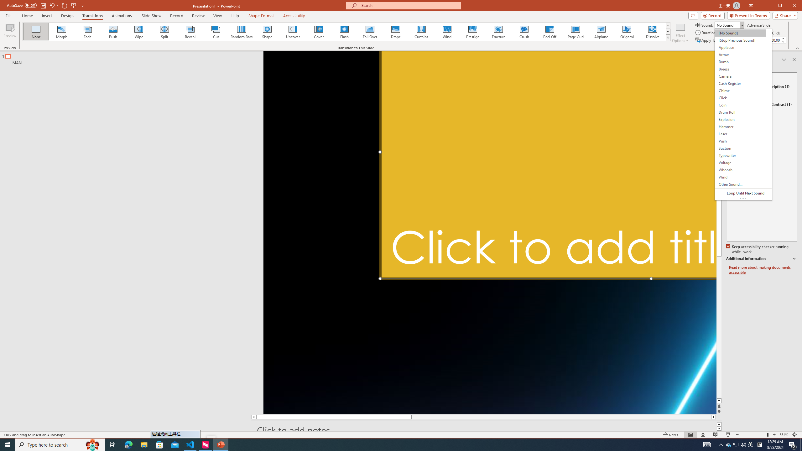  I want to click on 'Visual Studio Code - 1 running window', so click(190, 444).